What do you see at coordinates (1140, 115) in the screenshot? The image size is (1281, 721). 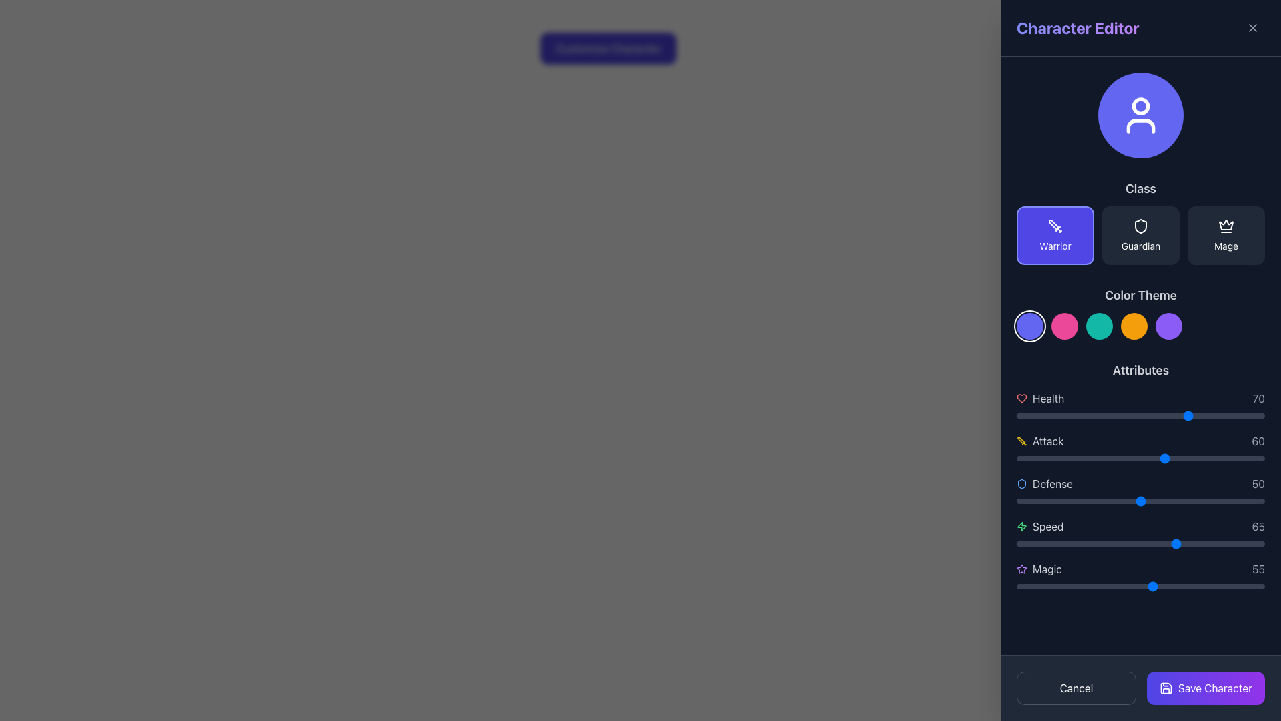 I see `the white user silhouette icon with a purple circular background located at the top of the sidebar in the 'Character Editor' section` at bounding box center [1140, 115].